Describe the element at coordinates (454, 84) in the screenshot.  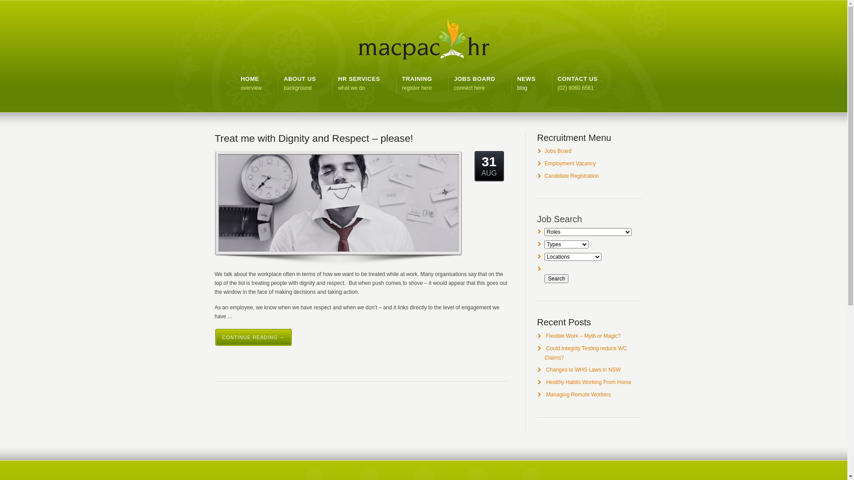
I see `'JOBS BOARD` at that location.